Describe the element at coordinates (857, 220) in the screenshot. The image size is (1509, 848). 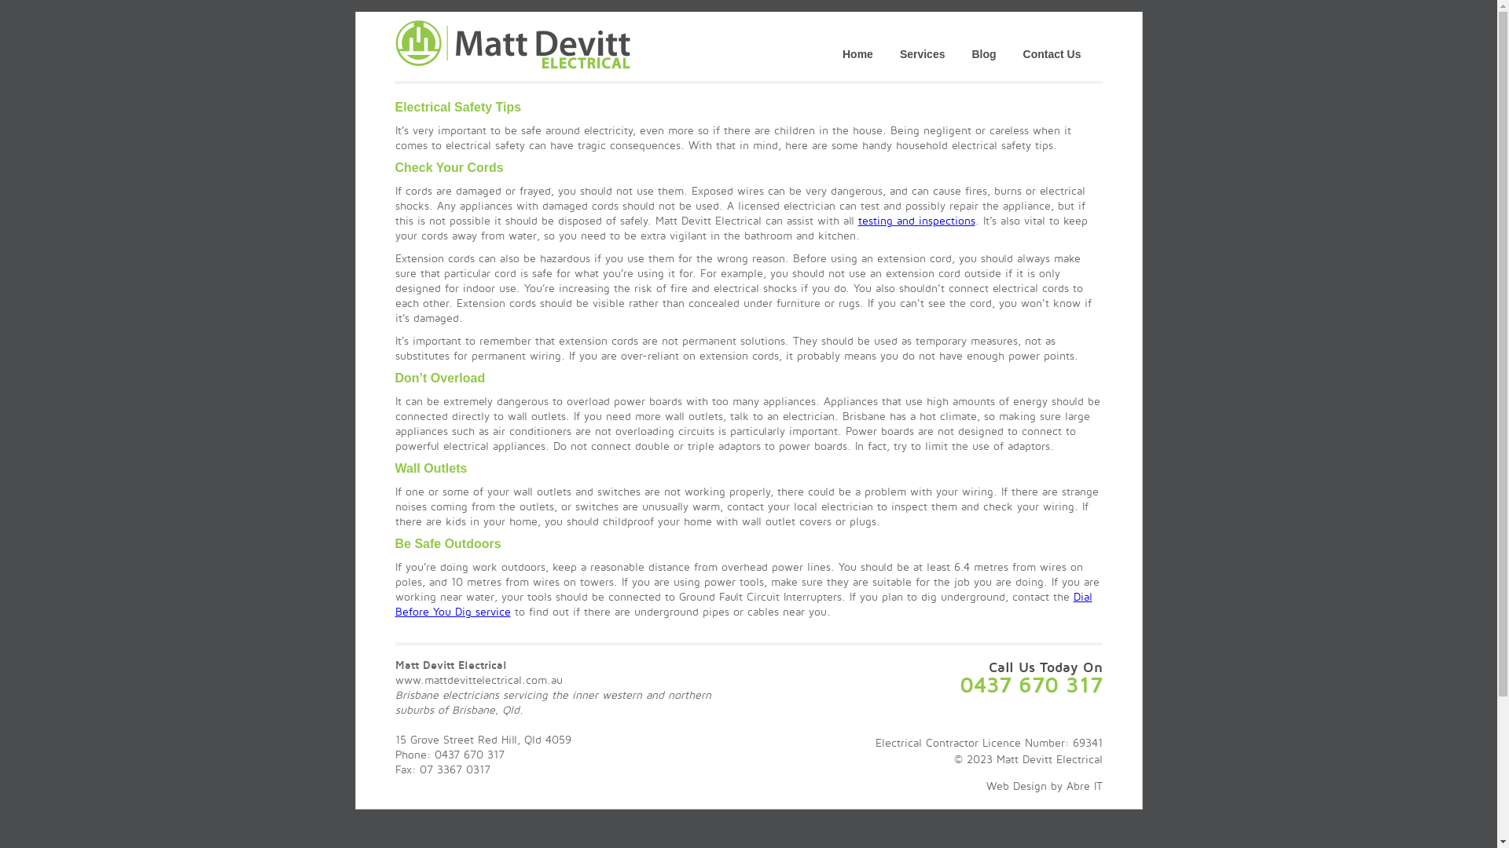
I see `'testing and inspections'` at that location.